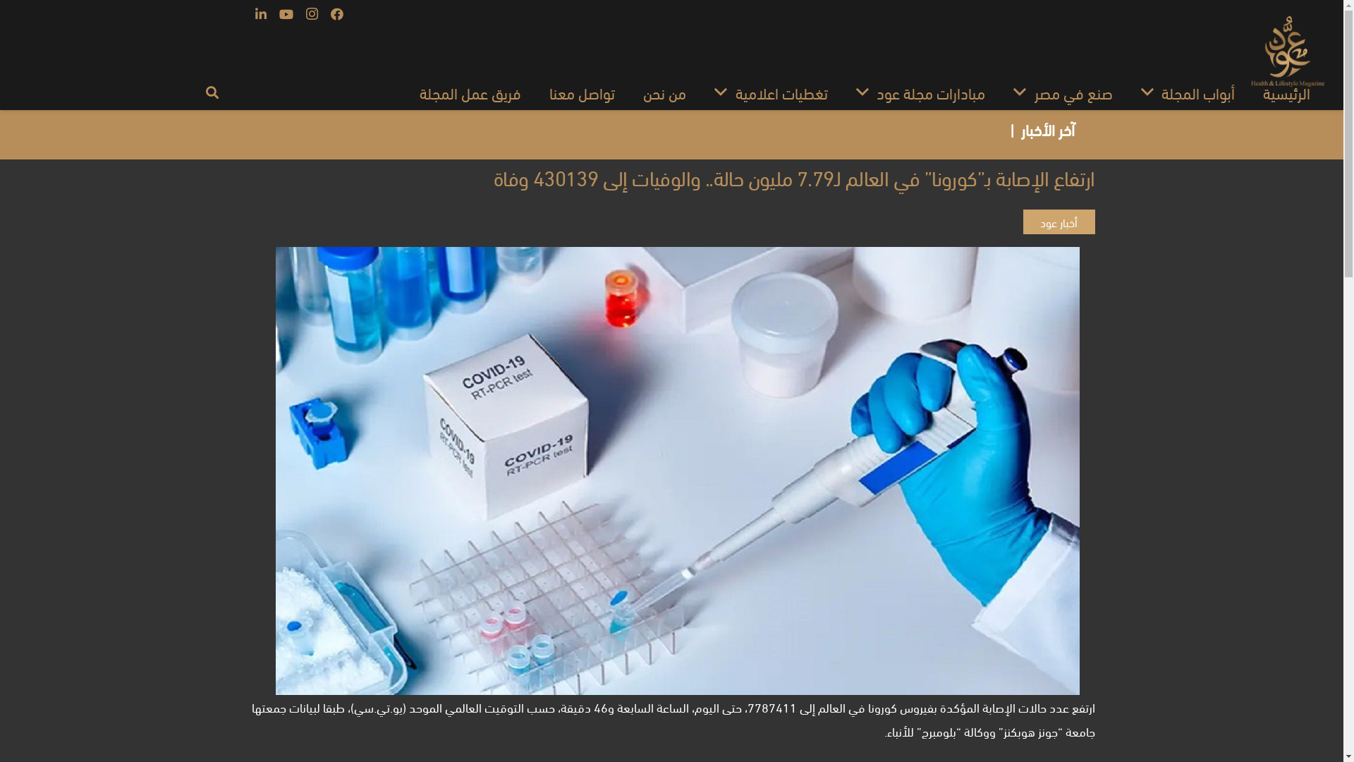  What do you see at coordinates (286, 13) in the screenshot?
I see `'YouTube'` at bounding box center [286, 13].